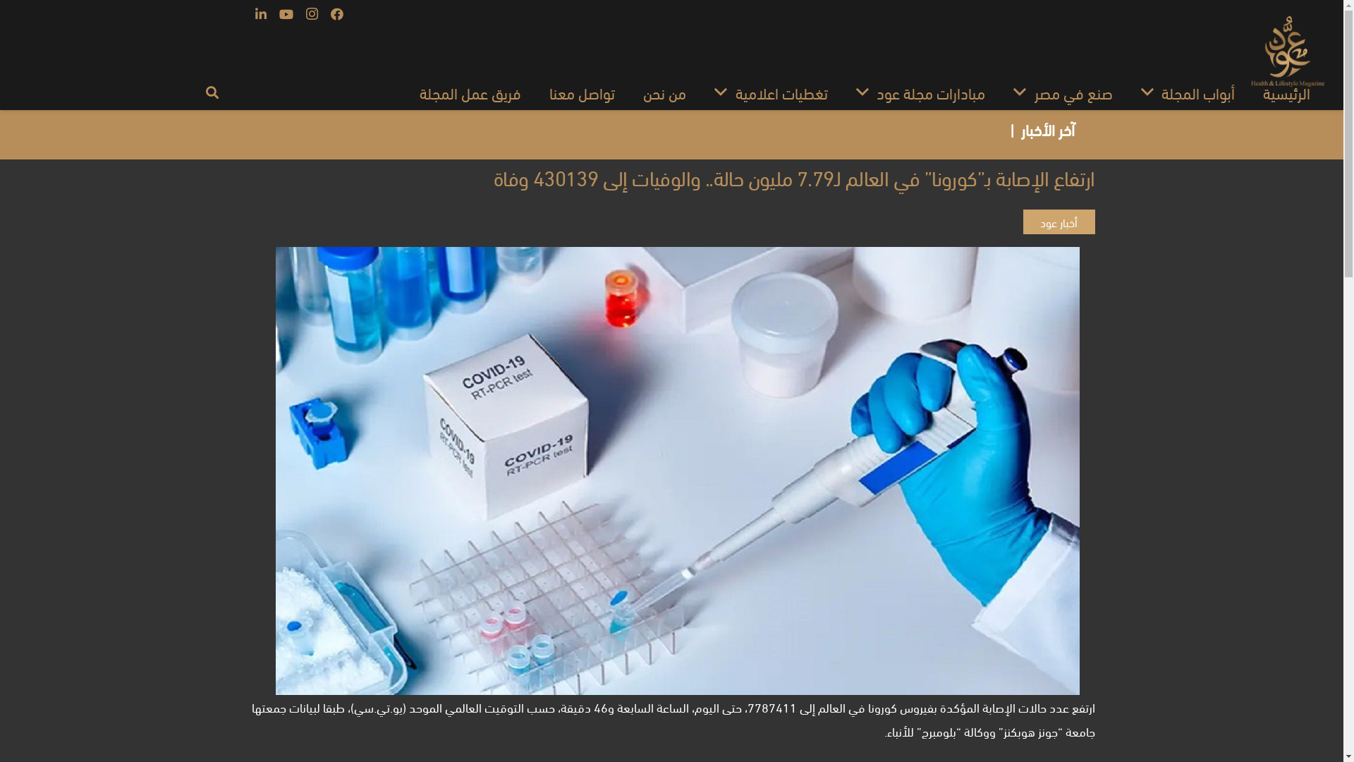  What do you see at coordinates (286, 13) in the screenshot?
I see `'YouTube'` at bounding box center [286, 13].